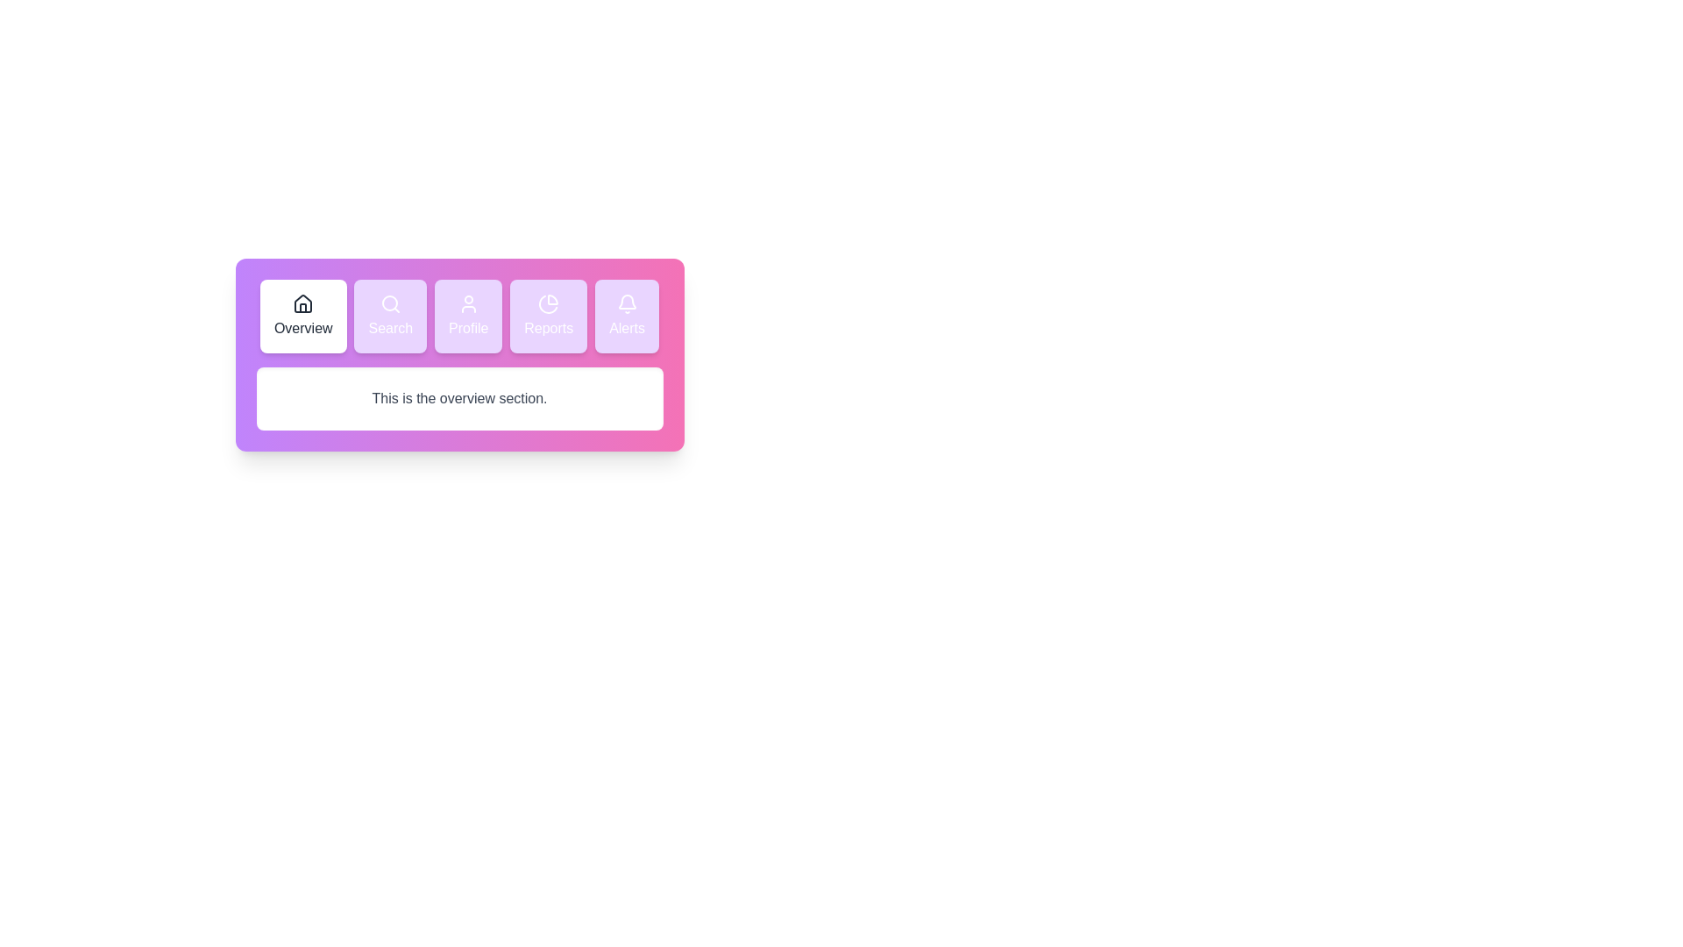  Describe the element at coordinates (459, 317) in the screenshot. I see `the 'Profile' navigation button, which is the third button in a horizontal menu between 'Search' and 'Reports'` at that location.